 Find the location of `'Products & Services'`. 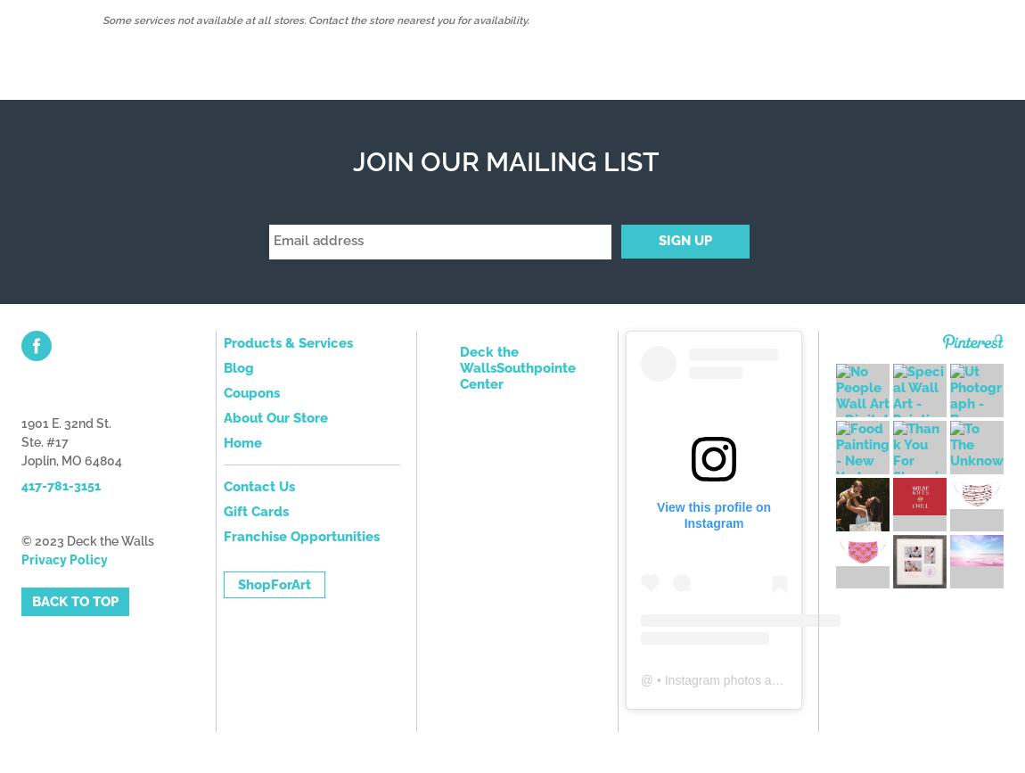

'Products & Services' is located at coordinates (287, 341).